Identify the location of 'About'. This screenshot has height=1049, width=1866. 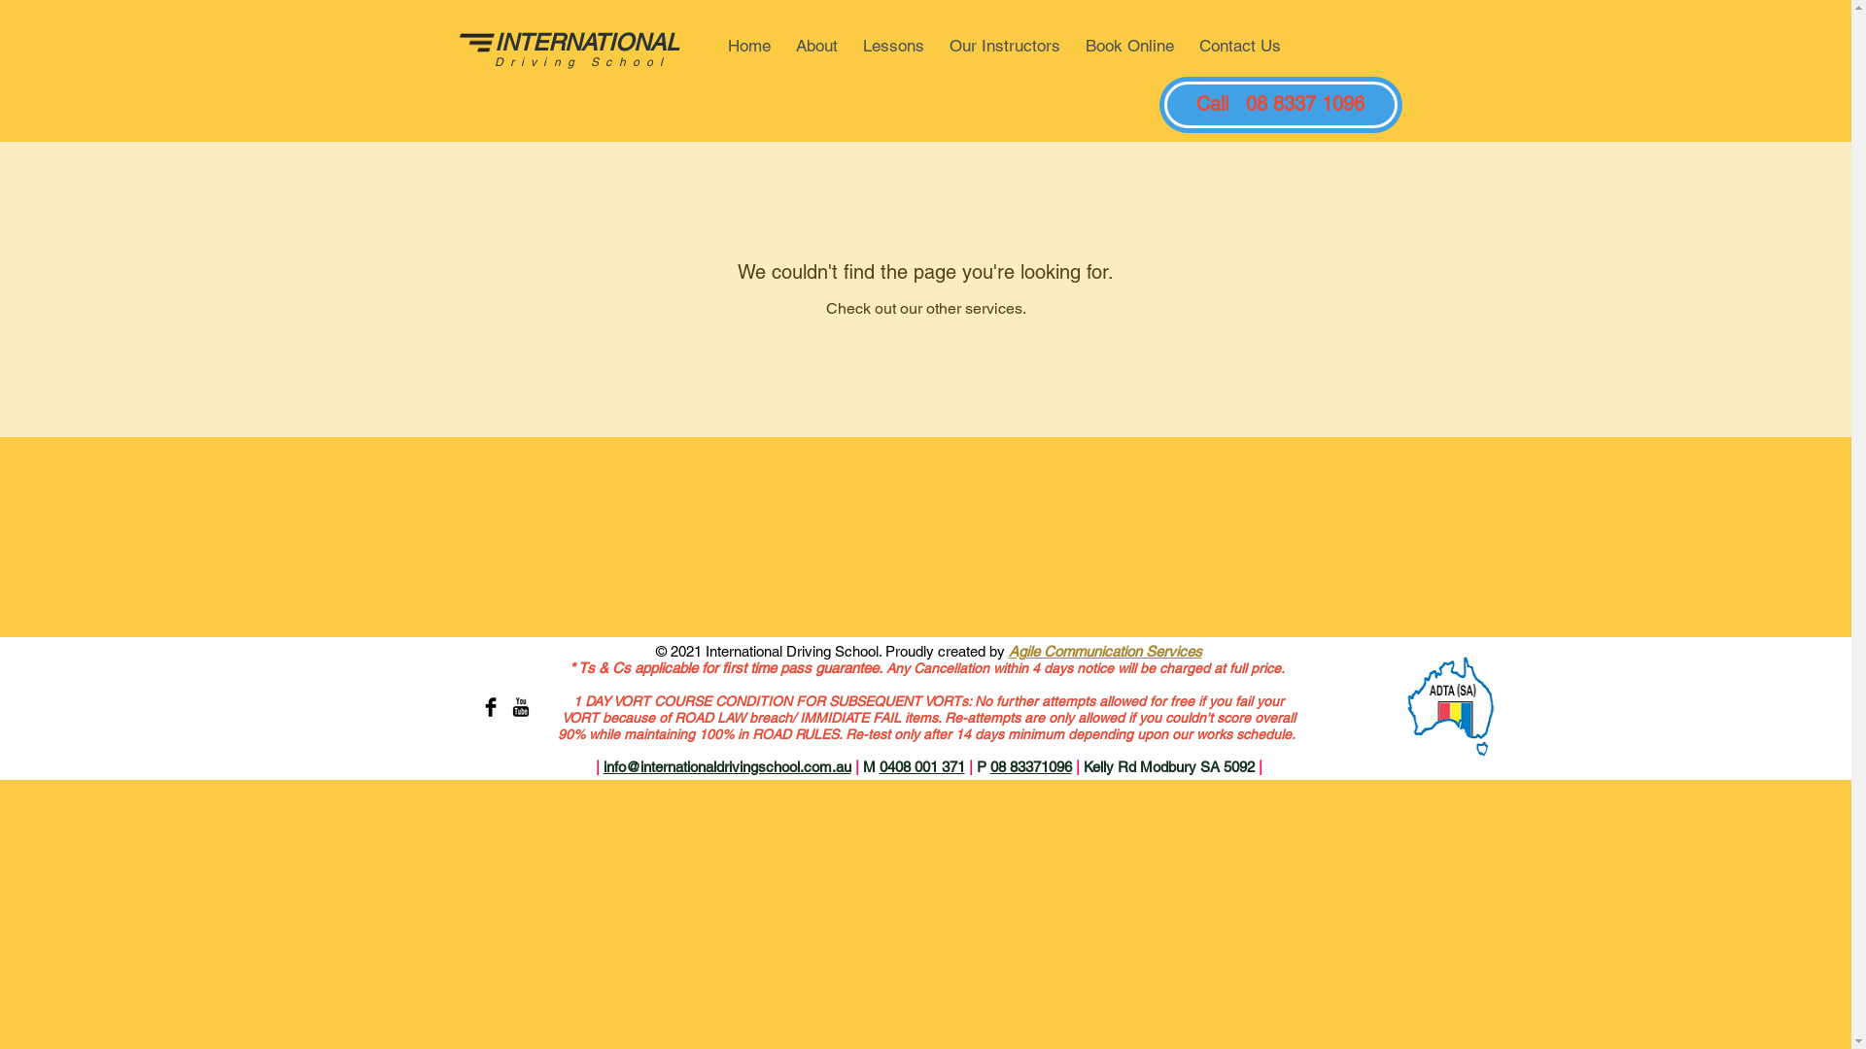
(783, 45).